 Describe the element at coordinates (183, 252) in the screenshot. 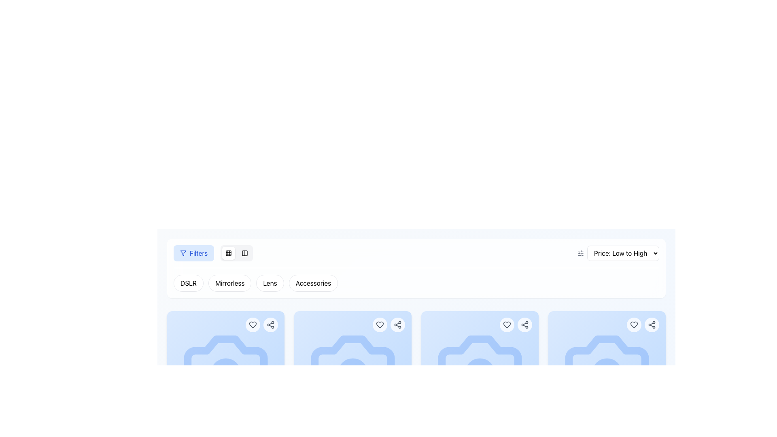

I see `the 'Filters' button SVG Icon, which signifies the functionality to apply filters to the displayed content` at that location.